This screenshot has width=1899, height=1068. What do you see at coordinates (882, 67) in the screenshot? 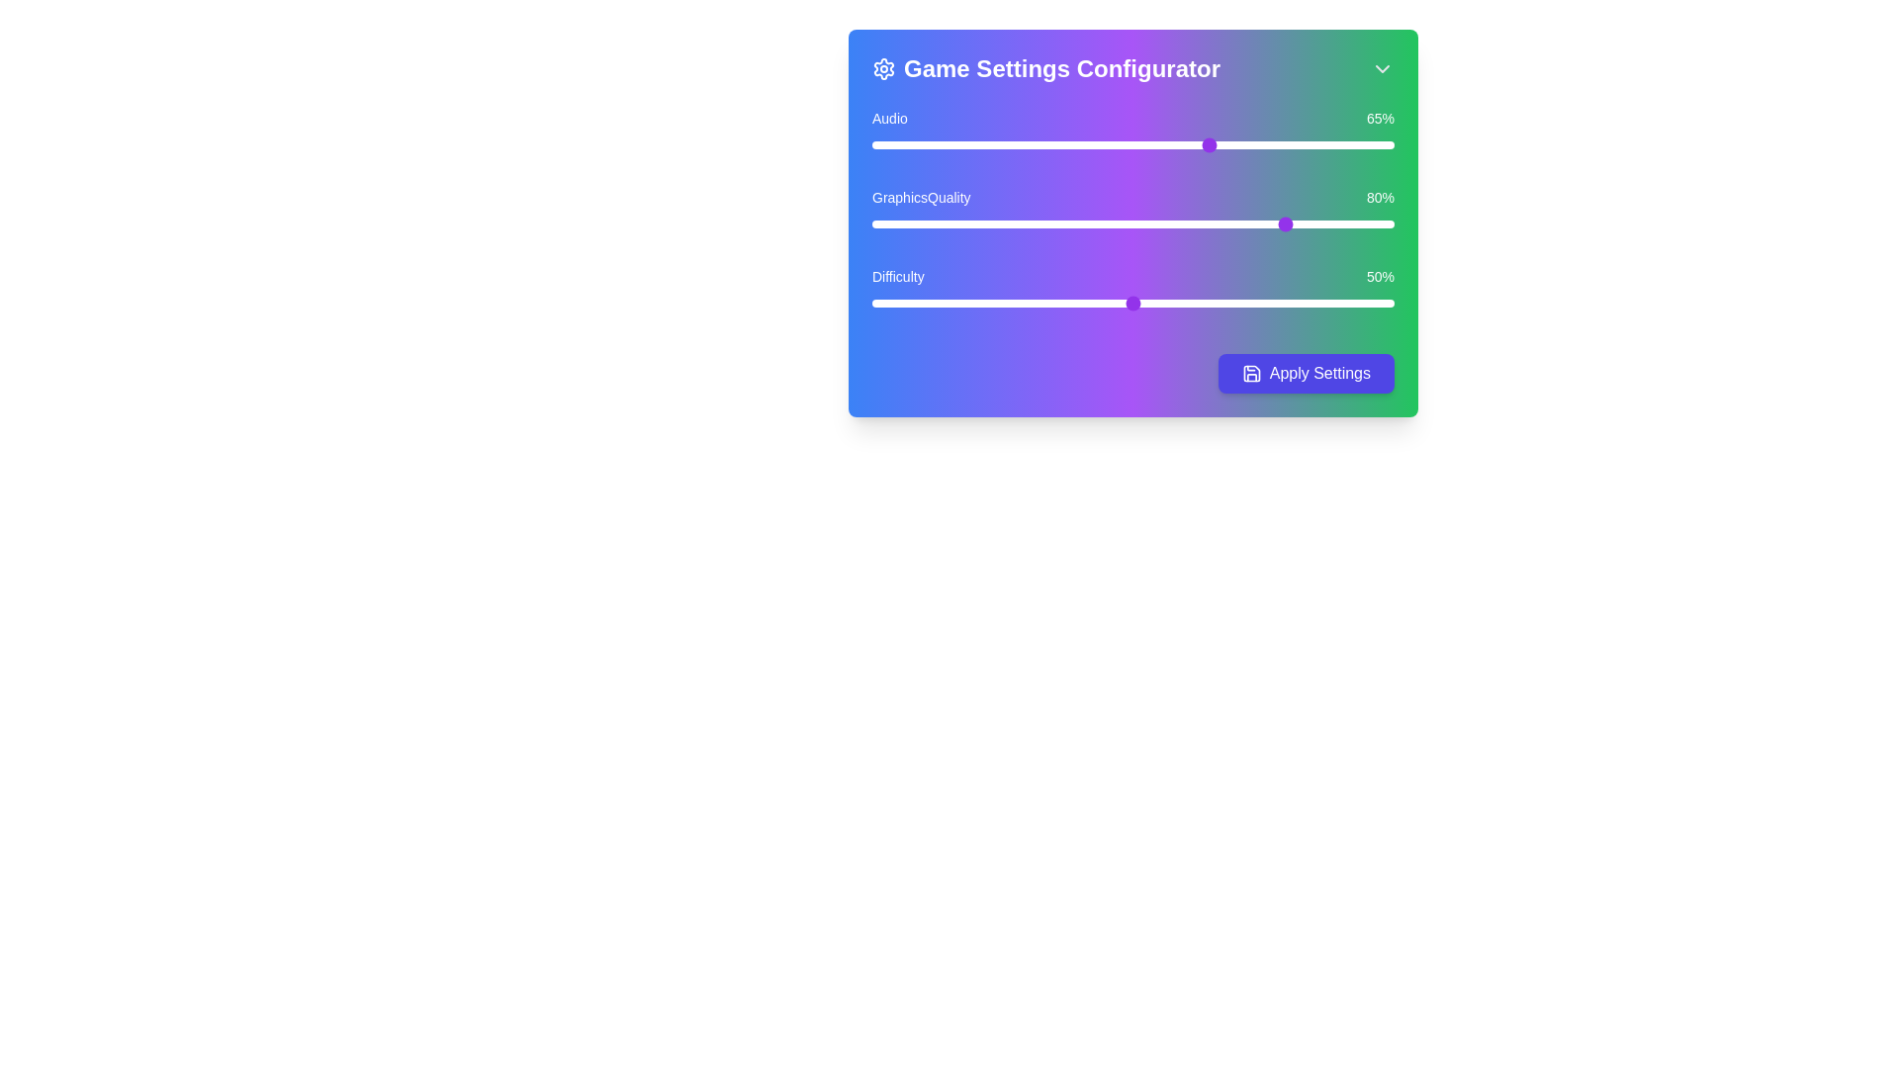
I see `the settings icon located in the top-left area of the card, which appears as a gear-like visual element` at bounding box center [882, 67].